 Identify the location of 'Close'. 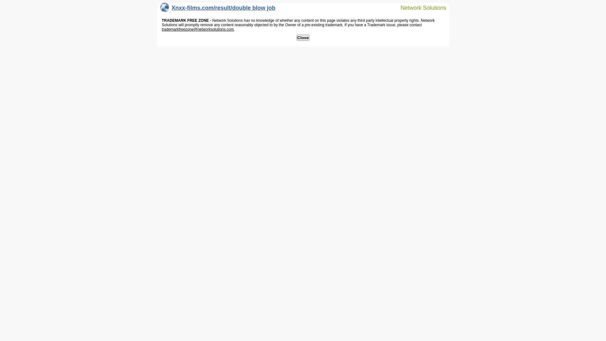
(303, 38).